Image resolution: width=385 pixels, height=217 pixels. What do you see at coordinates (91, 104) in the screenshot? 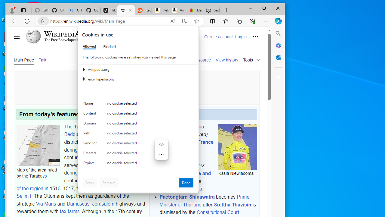
I see `'Name'` at bounding box center [91, 104].